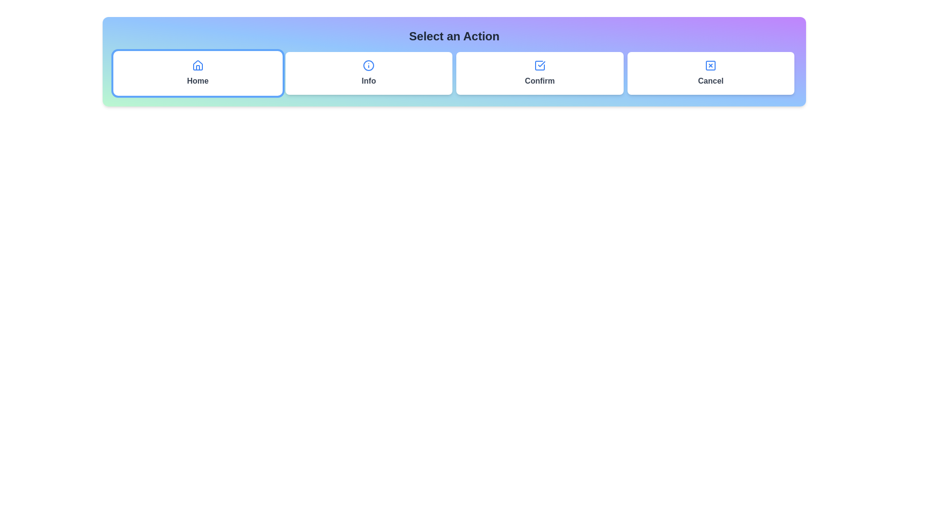 The image size is (934, 525). I want to click on the button labeled Confirm to observe its hover effect, so click(539, 72).